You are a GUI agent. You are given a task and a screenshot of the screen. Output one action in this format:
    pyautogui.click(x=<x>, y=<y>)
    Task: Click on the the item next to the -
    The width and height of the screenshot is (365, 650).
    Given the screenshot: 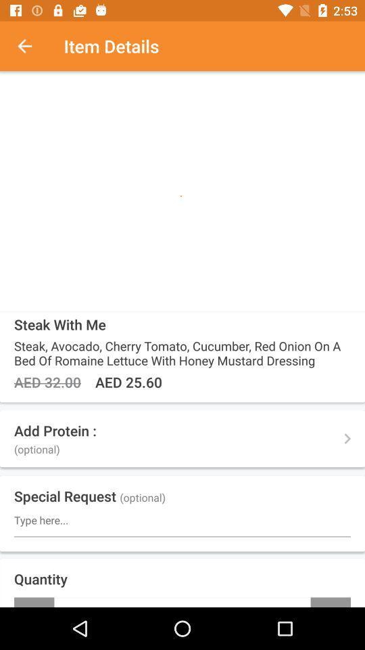 What is the action you would take?
    pyautogui.click(x=330, y=601)
    